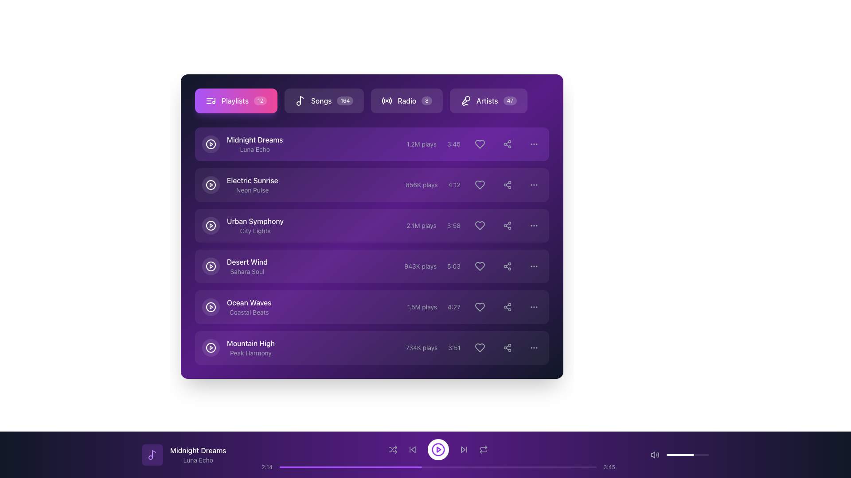 The height and width of the screenshot is (478, 851). What do you see at coordinates (438, 449) in the screenshot?
I see `the primary media playback control button, which toggles between play and pause states, located at the center of the playback controls section` at bounding box center [438, 449].